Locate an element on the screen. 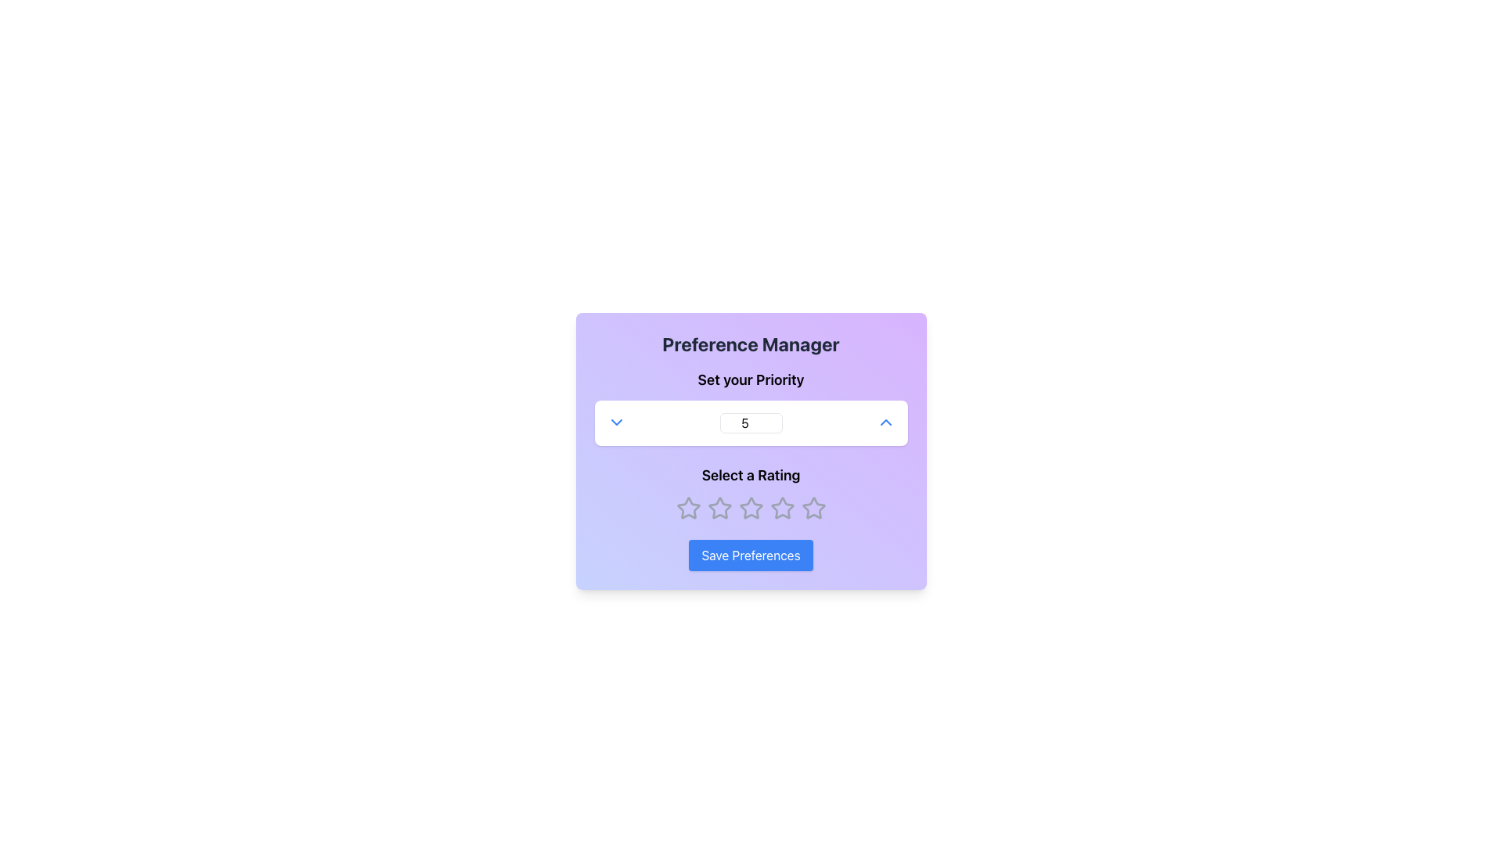  the first star-shaped icon in the row under the text 'Select a Rating' is located at coordinates (688, 509).